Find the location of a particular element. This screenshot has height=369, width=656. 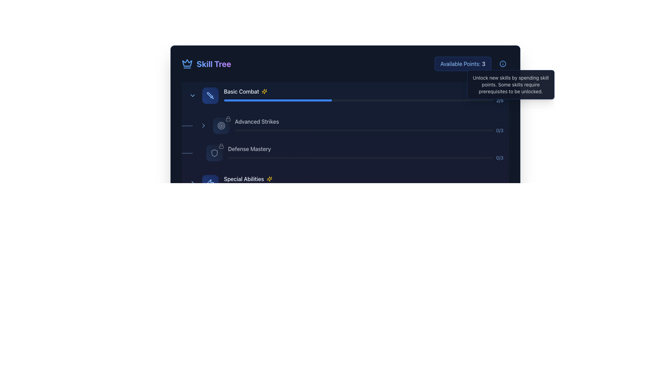

the 'Special Abilities' text label, which is styled in medium blue font on a dark background and located in a list of skill options is located at coordinates (244, 179).